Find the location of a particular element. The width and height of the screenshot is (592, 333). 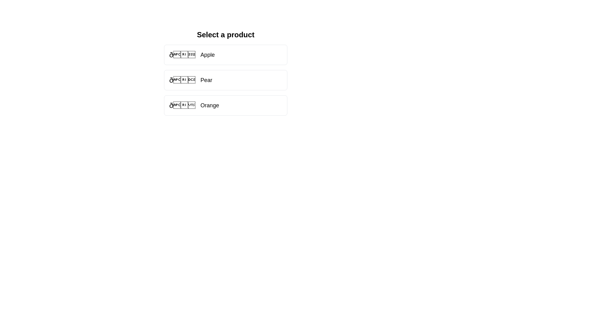

the selectable item associated with 'Pear', which is positioned in the middle of a vertical list between 'Apple' and 'Orange' is located at coordinates (225, 80).